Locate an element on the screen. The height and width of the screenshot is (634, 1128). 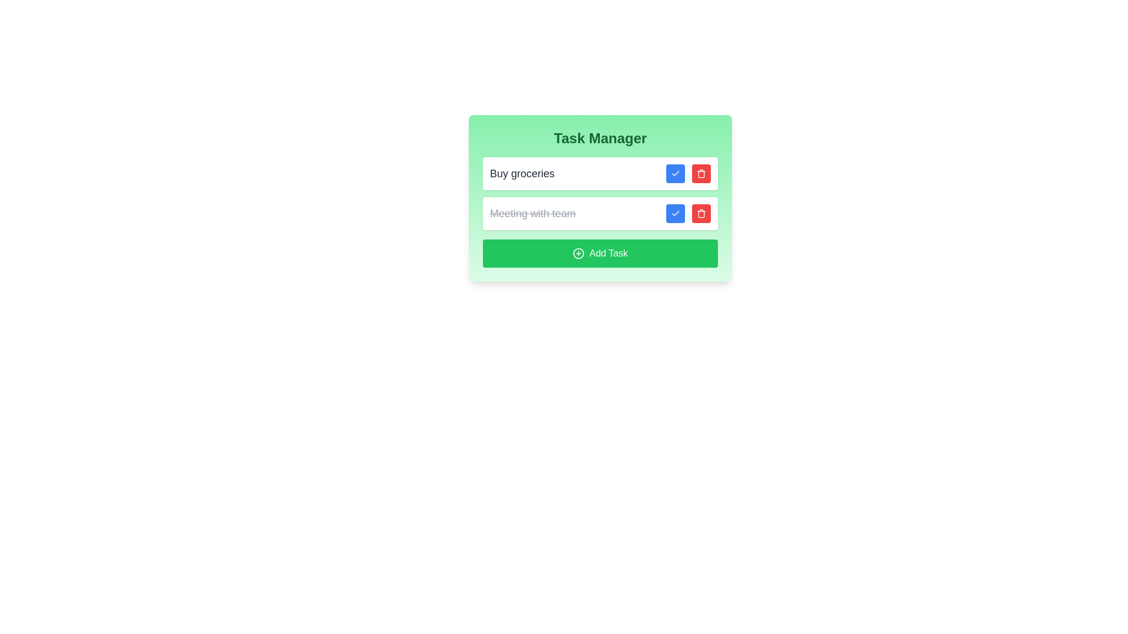
the checkmark icon styled with a blue background located in the task manager interface for the task titled 'Meeting with team' is located at coordinates (676, 213).